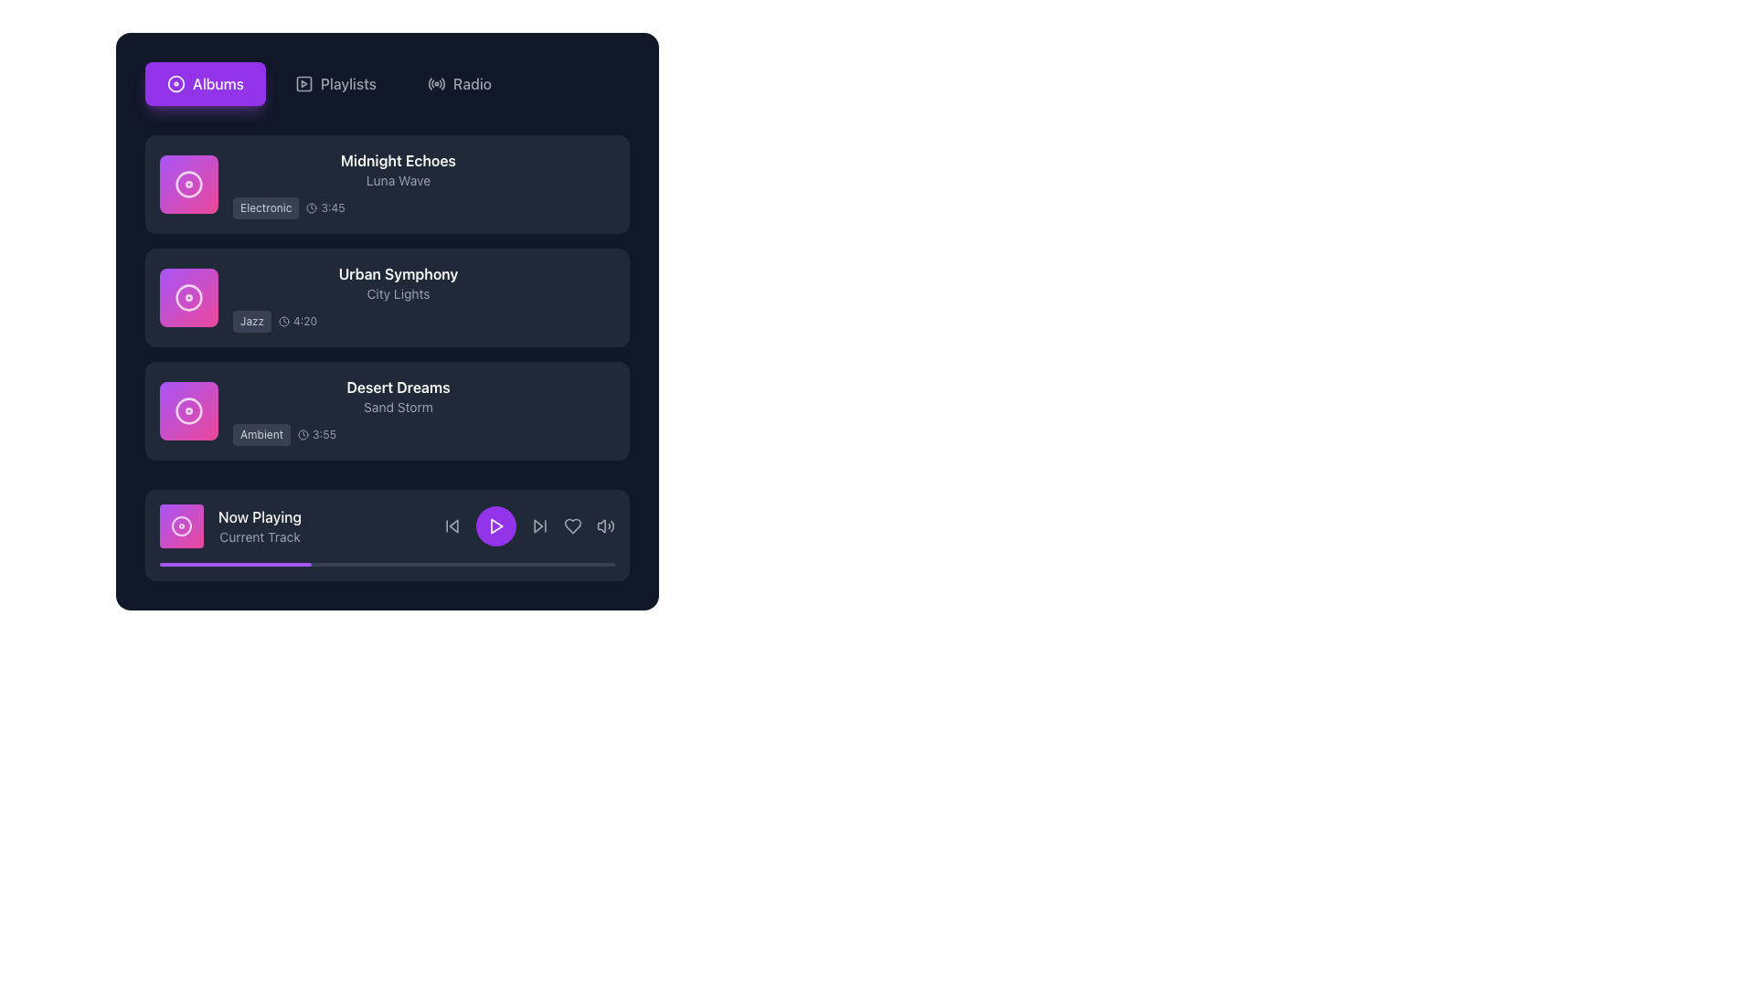 The width and height of the screenshot is (1755, 987). What do you see at coordinates (312, 207) in the screenshot?
I see `the circular graphical element that is part of the icon located to the left of the '3:45' text in the album track list for 'Midnight Echoes'` at bounding box center [312, 207].